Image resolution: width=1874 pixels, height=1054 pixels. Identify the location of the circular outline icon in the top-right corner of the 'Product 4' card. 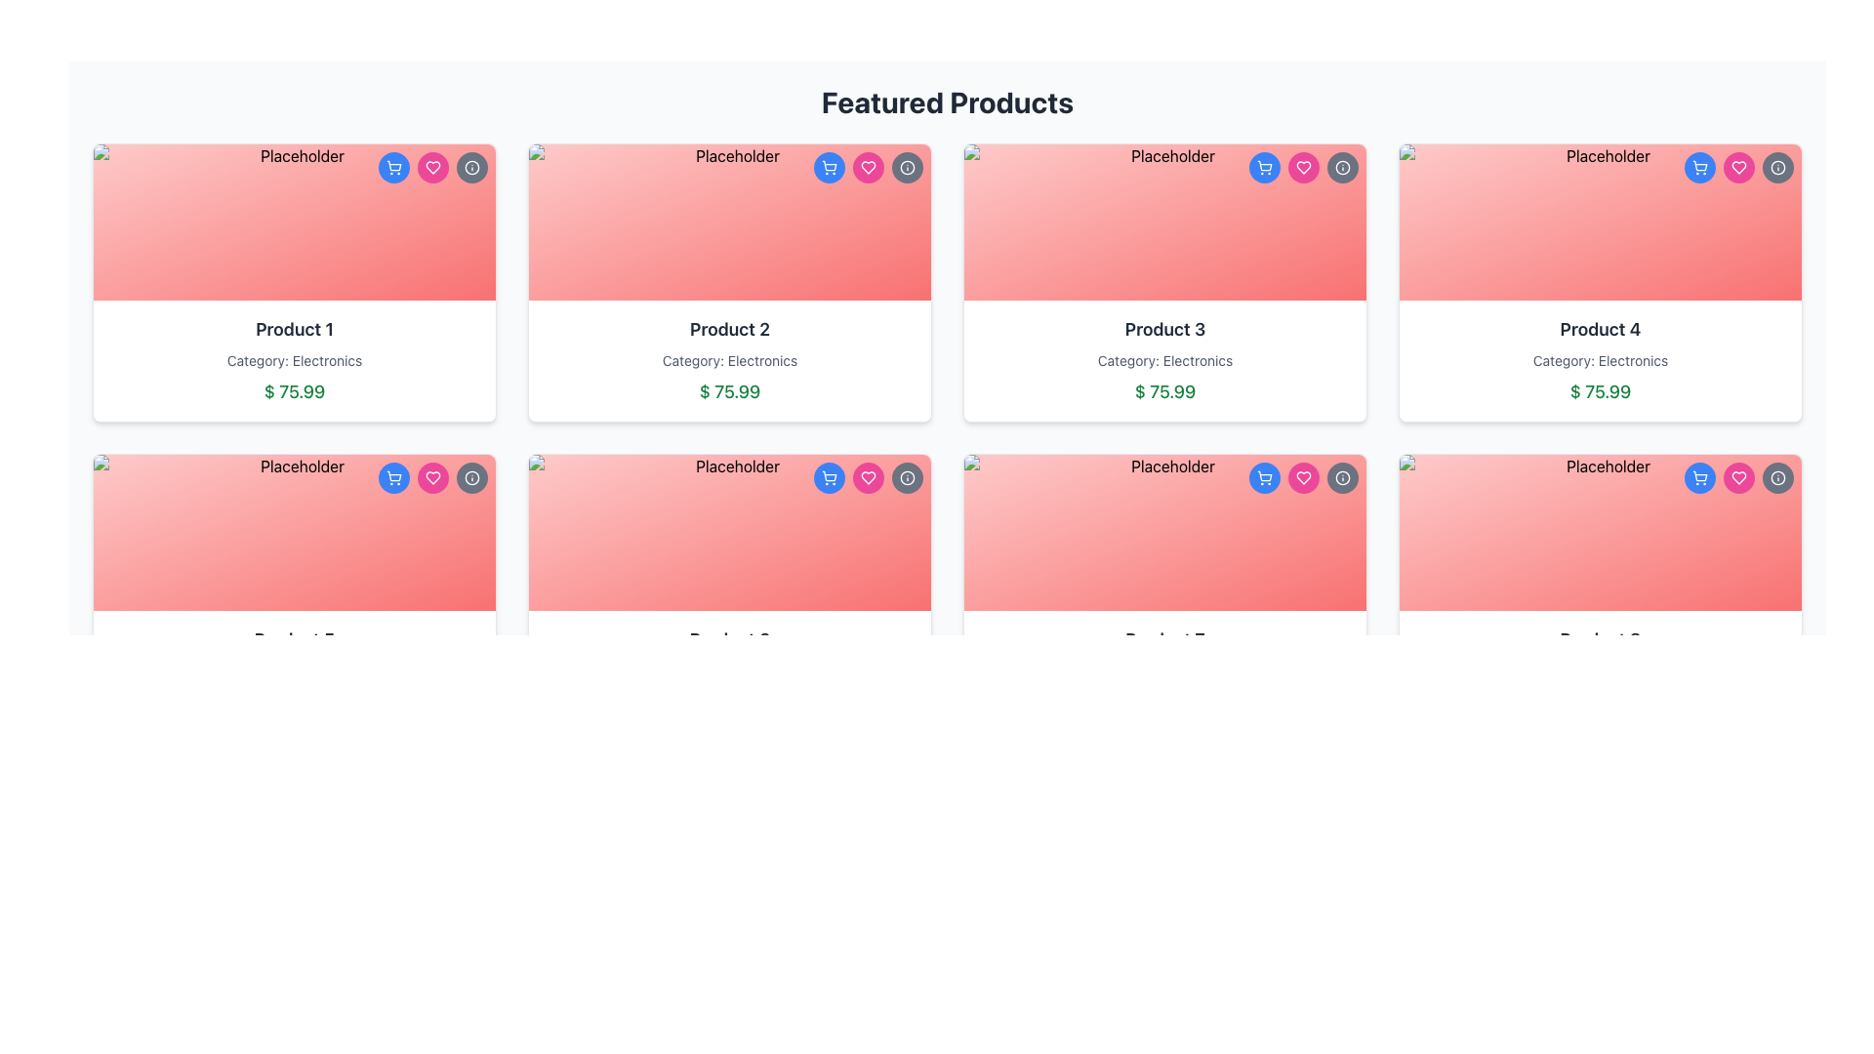
(1342, 477).